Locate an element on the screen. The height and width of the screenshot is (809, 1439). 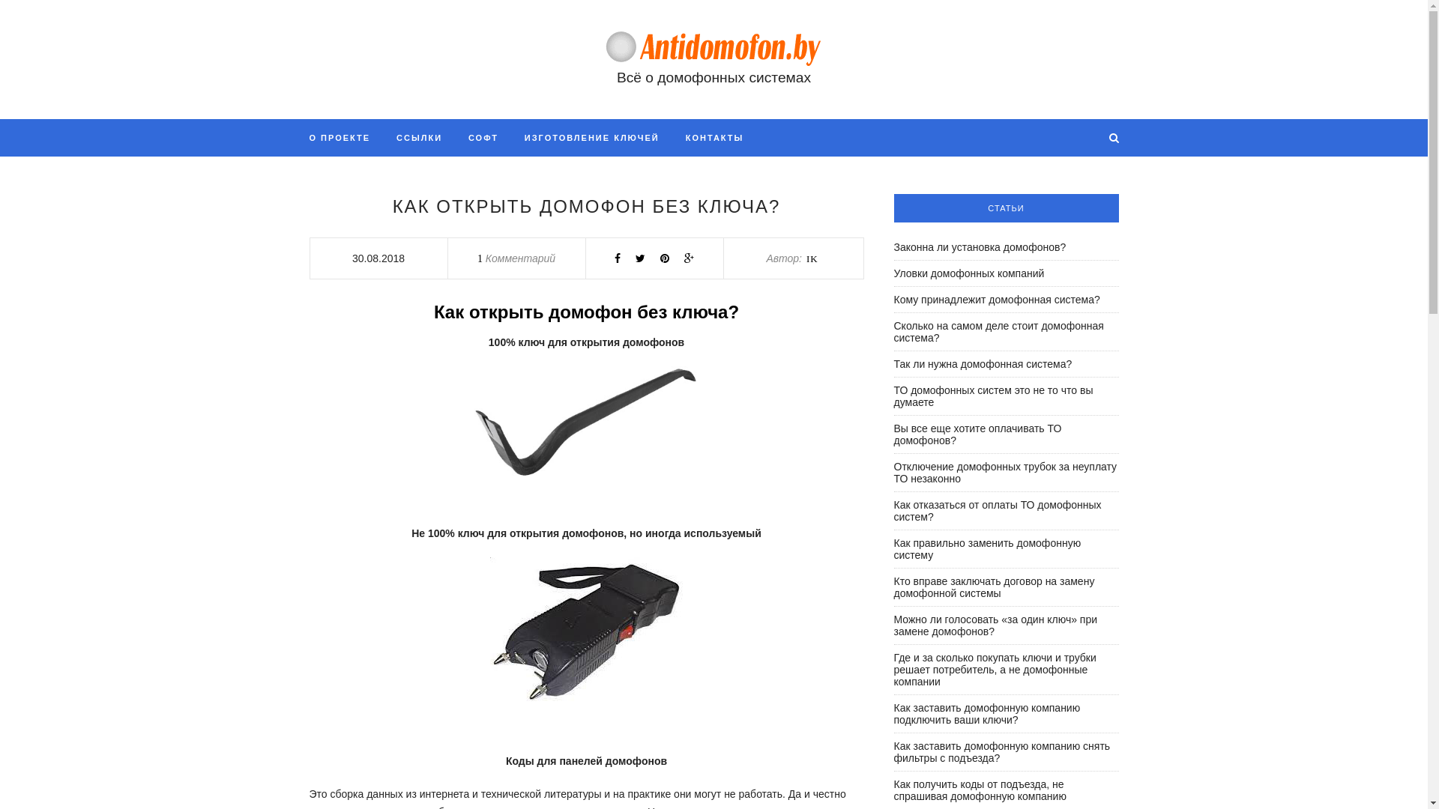
'IK' is located at coordinates (805, 258).